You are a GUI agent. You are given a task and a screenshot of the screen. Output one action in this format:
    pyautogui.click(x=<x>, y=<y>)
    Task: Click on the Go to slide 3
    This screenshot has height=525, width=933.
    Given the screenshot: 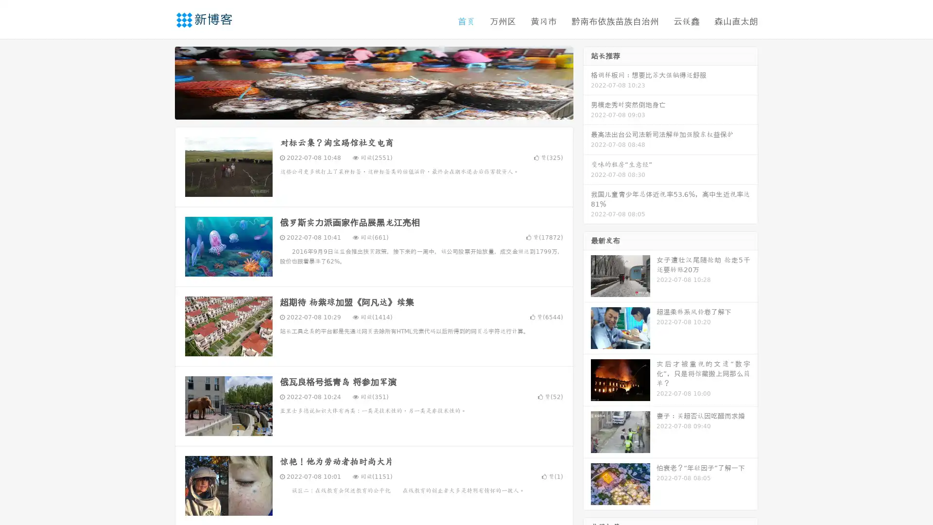 What is the action you would take?
    pyautogui.click(x=383, y=109)
    